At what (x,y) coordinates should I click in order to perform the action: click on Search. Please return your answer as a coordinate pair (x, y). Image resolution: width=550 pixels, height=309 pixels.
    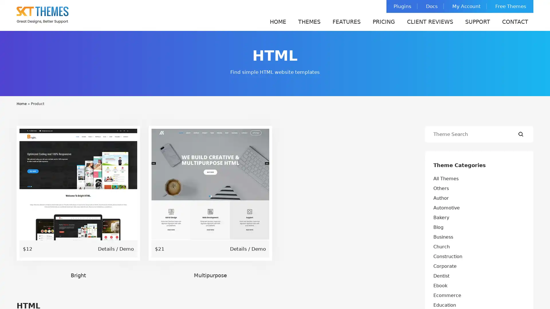
    Looking at the image, I should click on (521, 134).